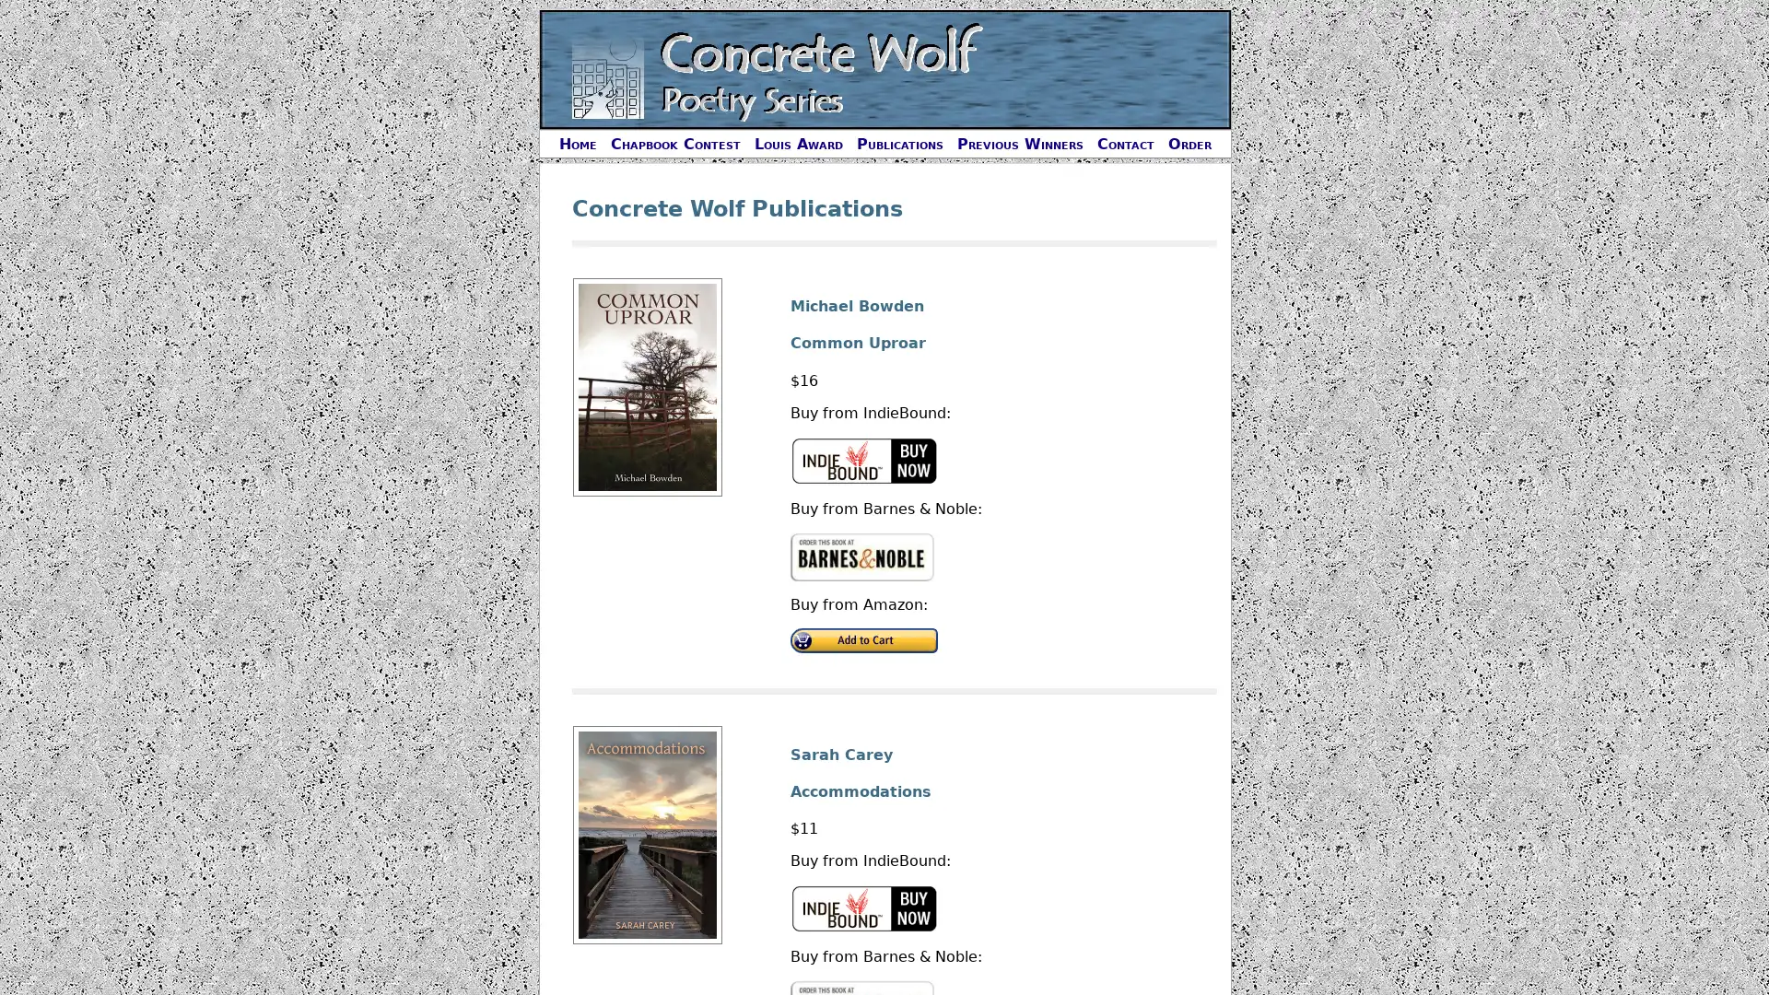 The width and height of the screenshot is (1769, 995). I want to click on Buy on IndieBound, so click(862, 907).